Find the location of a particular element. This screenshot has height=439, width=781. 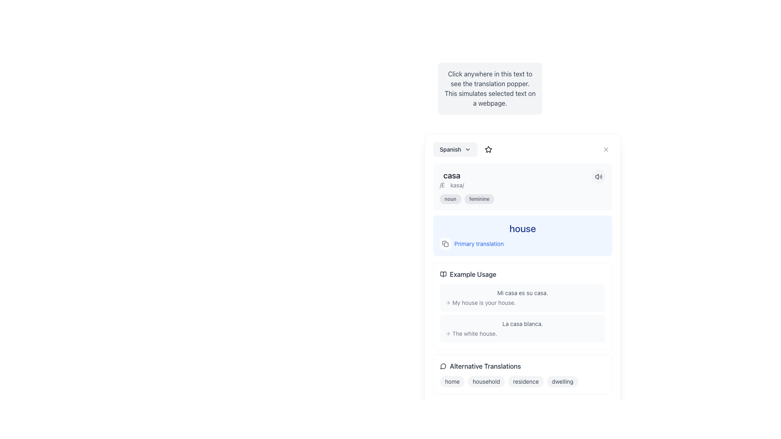

the text label styled as a pill-shaped button with the text 'residence', which is the third element in a horizontal group of four similar buttons located in the 'Alternative Translations' section is located at coordinates (523, 381).